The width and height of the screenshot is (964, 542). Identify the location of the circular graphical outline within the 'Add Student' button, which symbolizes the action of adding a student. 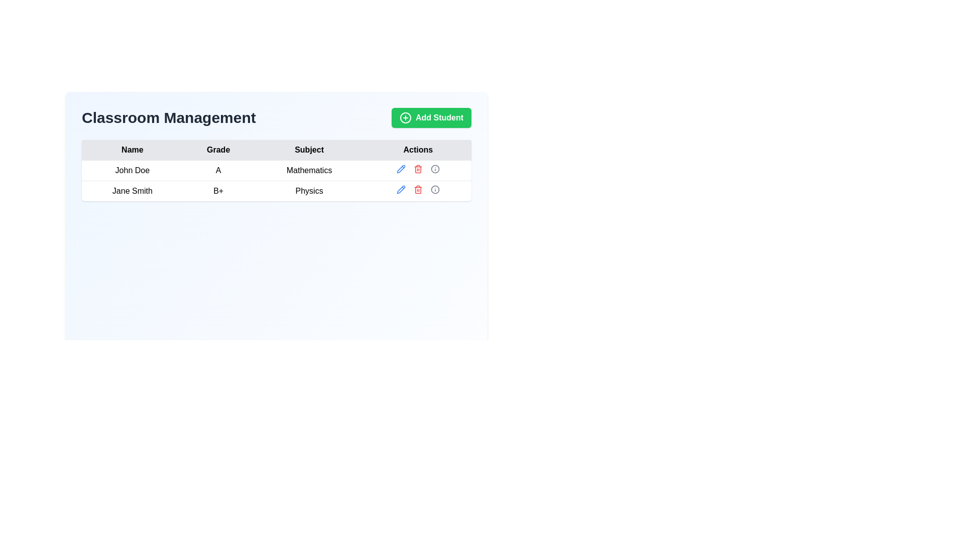
(405, 117).